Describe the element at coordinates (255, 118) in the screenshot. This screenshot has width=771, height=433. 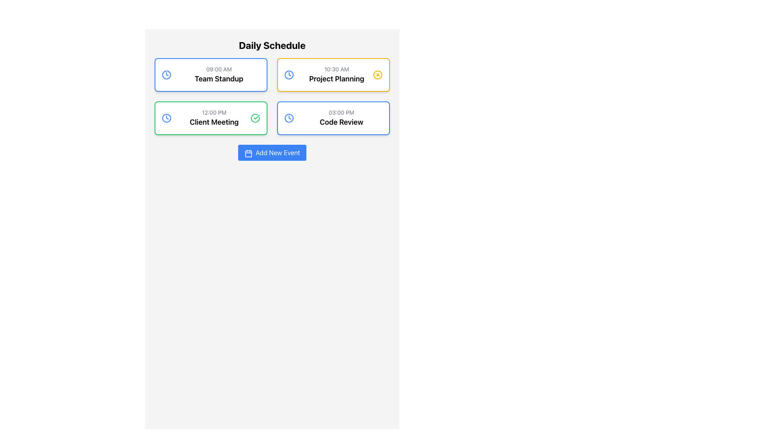
I see `the icon indicating the status of the 'Client Meeting' event, located at the bottom-left of the 'Client Meeting' card` at that location.